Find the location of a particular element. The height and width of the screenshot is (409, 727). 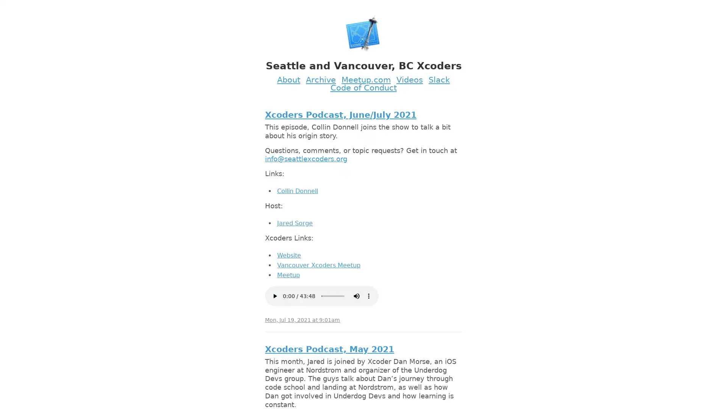

show more media controls is located at coordinates (369, 295).